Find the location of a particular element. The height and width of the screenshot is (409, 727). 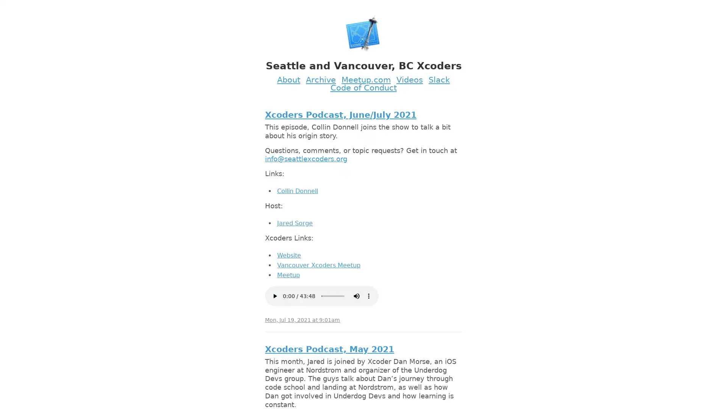

show more media controls is located at coordinates (369, 295).